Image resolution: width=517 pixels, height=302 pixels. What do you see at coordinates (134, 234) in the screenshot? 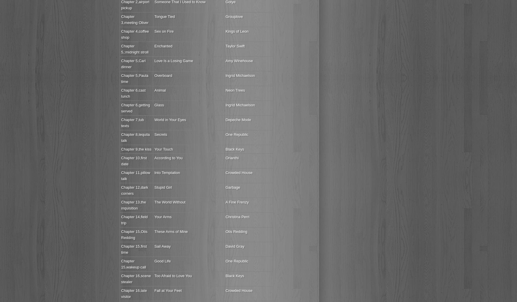
I see `'Chapter 15,Otis Redding'` at bounding box center [134, 234].